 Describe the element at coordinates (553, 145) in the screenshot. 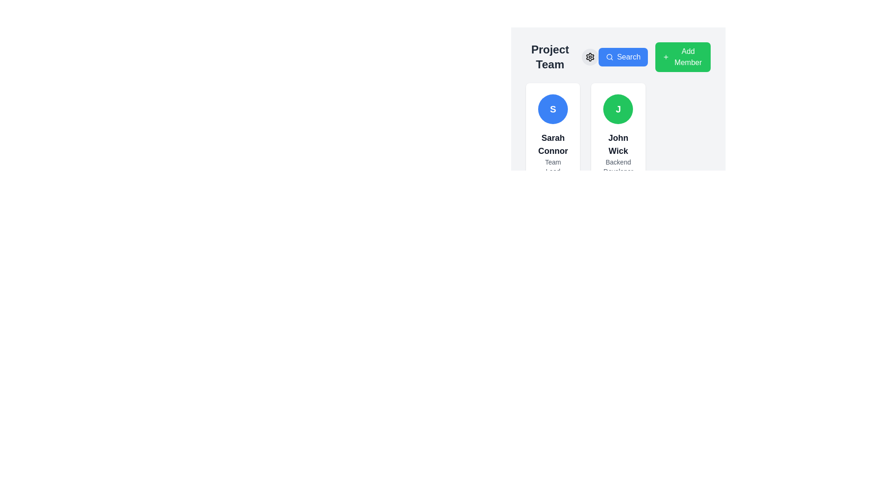

I see `displayed name 'Sarah Connor' which is a bold, dark-gray text located centrally below a circular blue icon` at that location.